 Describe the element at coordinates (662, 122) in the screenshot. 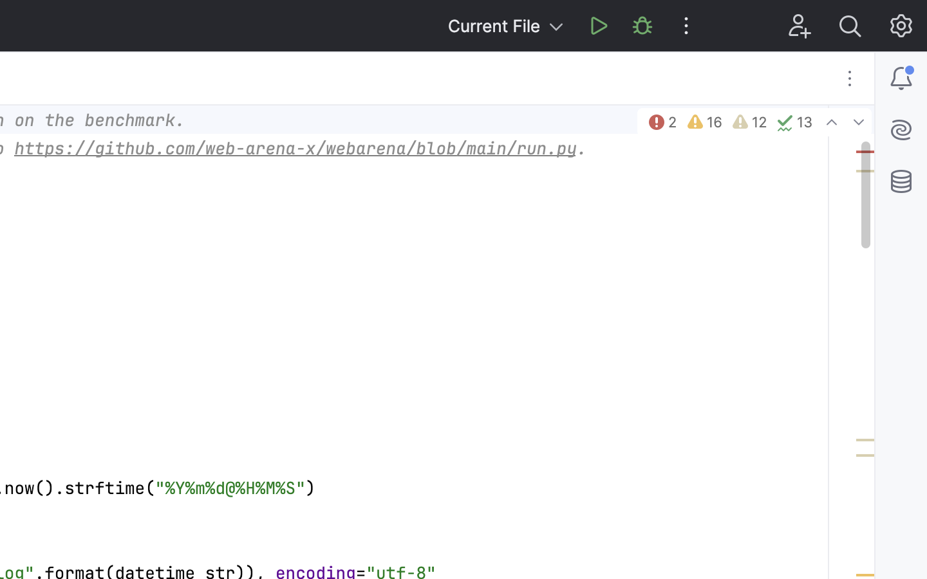

I see `'2'` at that location.